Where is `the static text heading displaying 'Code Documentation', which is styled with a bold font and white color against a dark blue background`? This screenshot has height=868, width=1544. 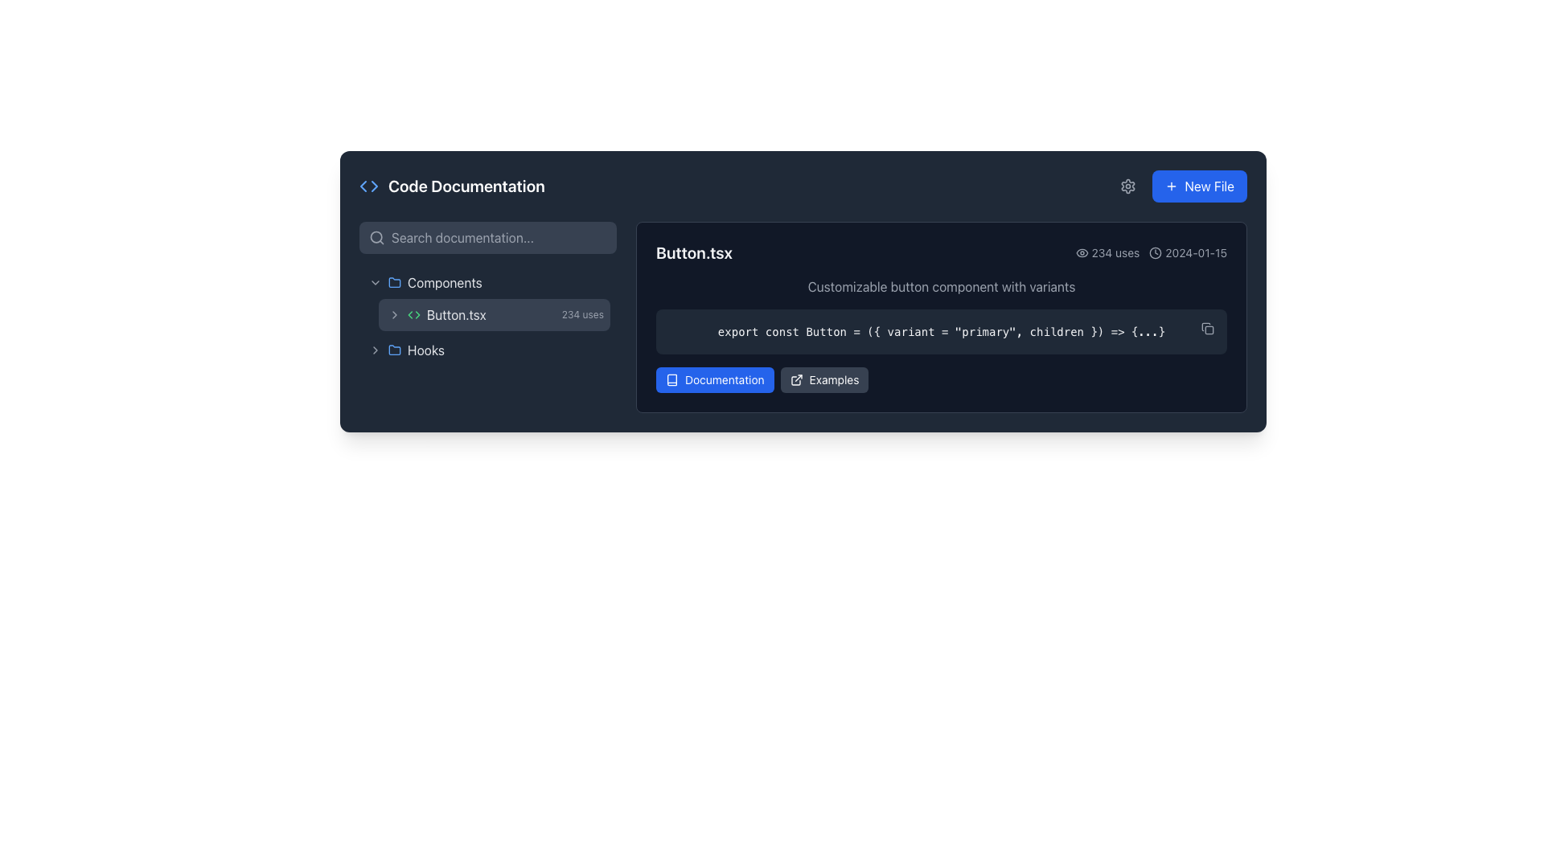
the static text heading displaying 'Code Documentation', which is styled with a bold font and white color against a dark blue background is located at coordinates (466, 185).